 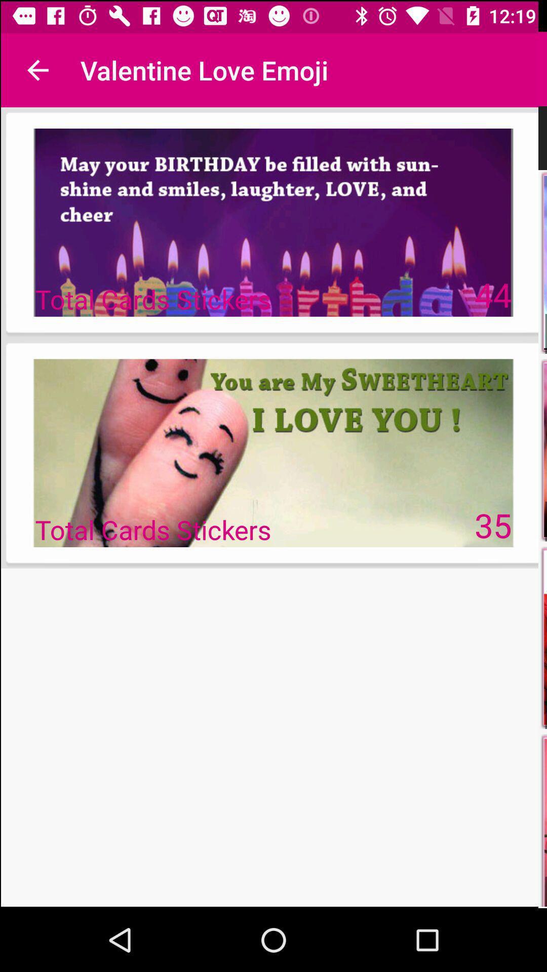 I want to click on 35 on the right, so click(x=493, y=525).